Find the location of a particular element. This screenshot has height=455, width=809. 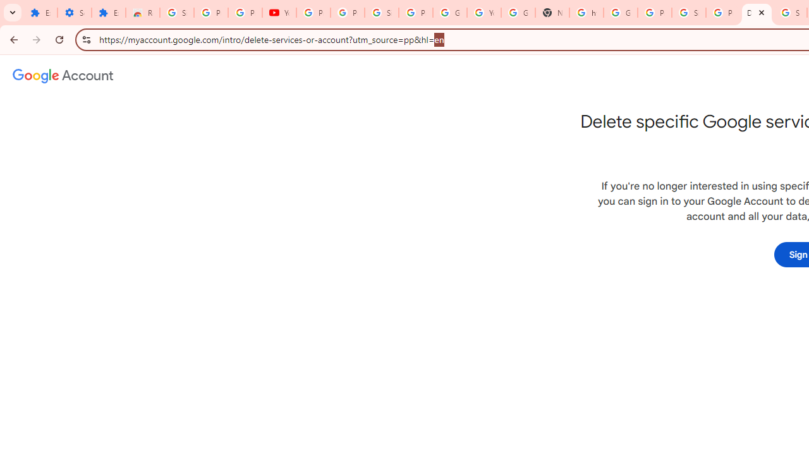

'Sign in - Google Accounts' is located at coordinates (176, 13).